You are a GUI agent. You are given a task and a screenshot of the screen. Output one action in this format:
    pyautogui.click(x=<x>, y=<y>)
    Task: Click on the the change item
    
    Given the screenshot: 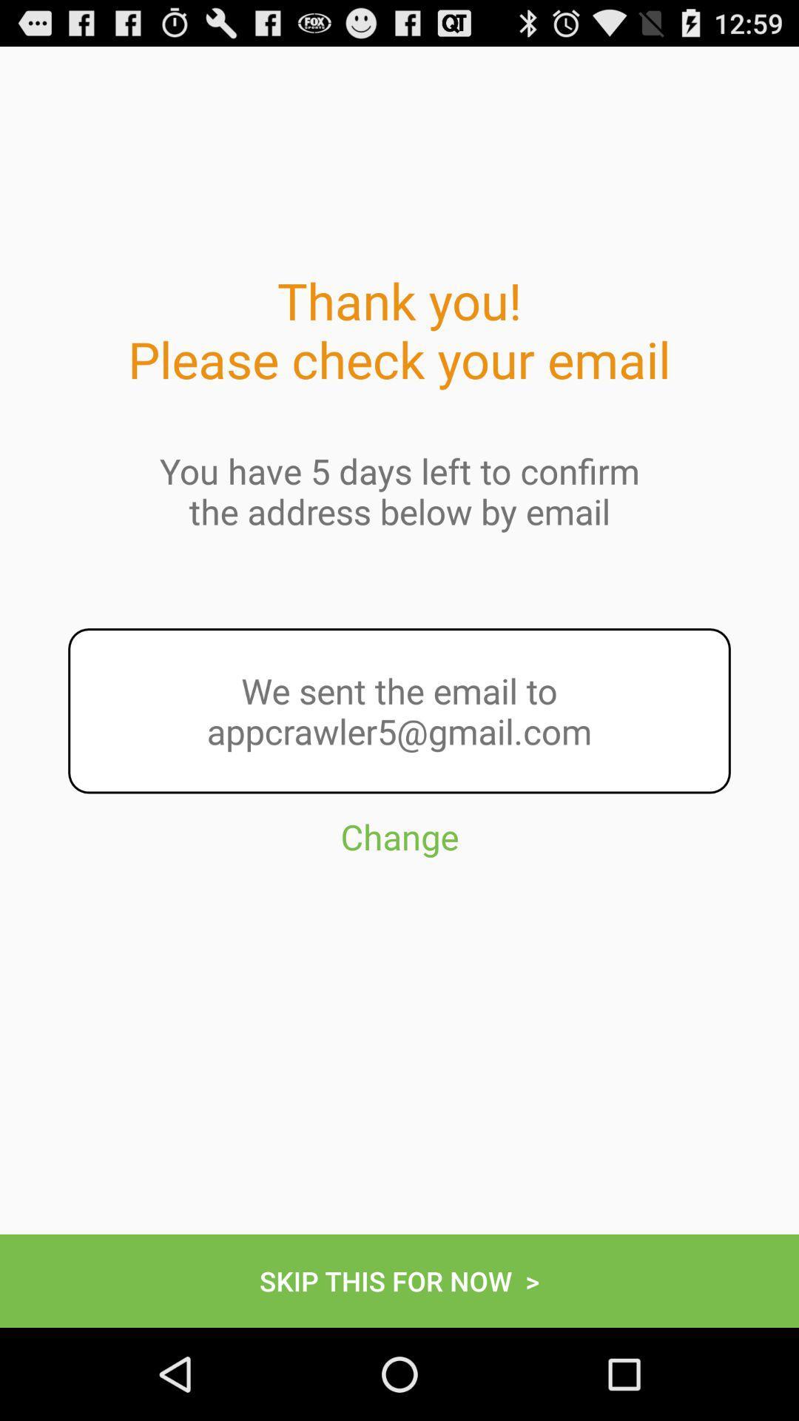 What is the action you would take?
    pyautogui.click(x=399, y=903)
    